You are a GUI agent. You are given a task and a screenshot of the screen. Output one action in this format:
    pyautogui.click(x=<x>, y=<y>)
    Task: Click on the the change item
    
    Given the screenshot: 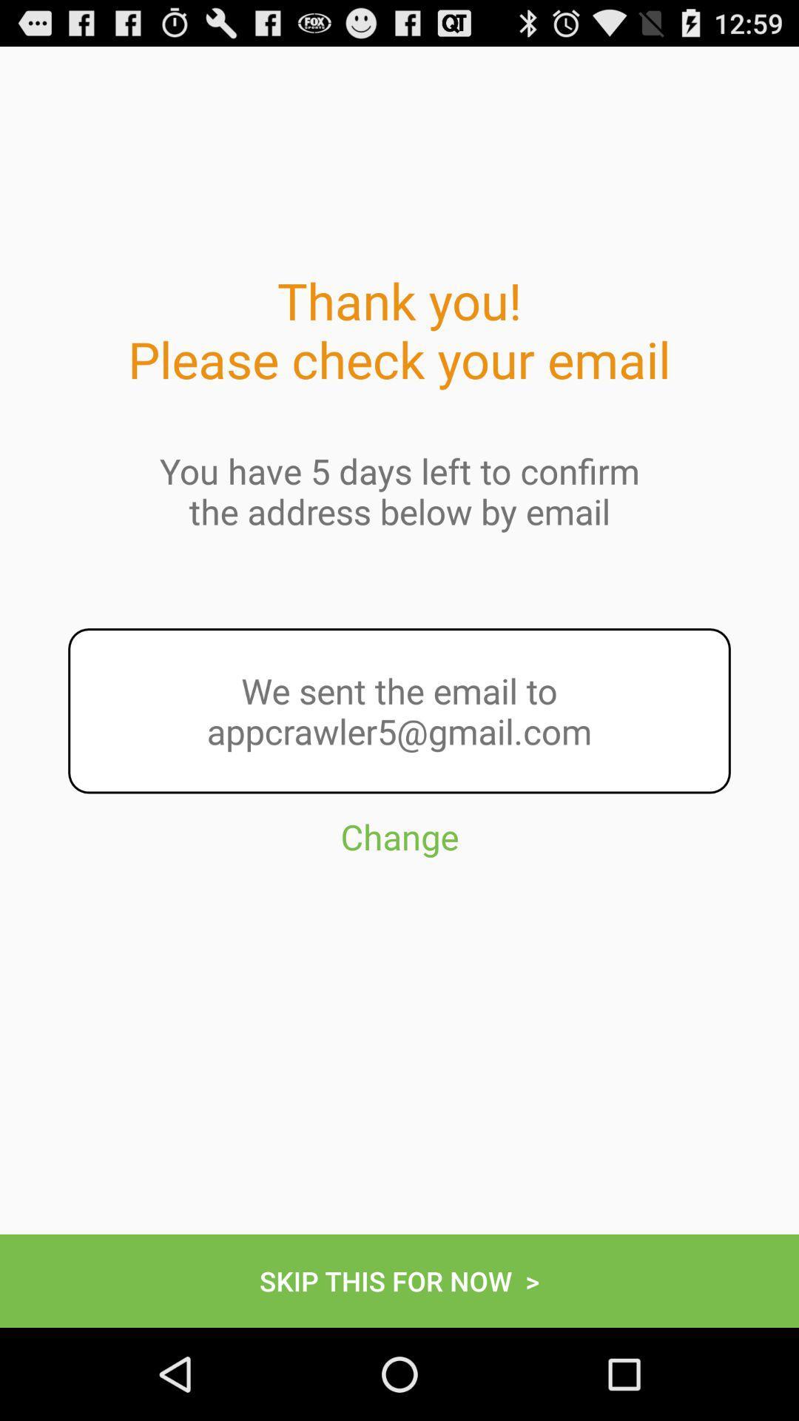 What is the action you would take?
    pyautogui.click(x=399, y=903)
    